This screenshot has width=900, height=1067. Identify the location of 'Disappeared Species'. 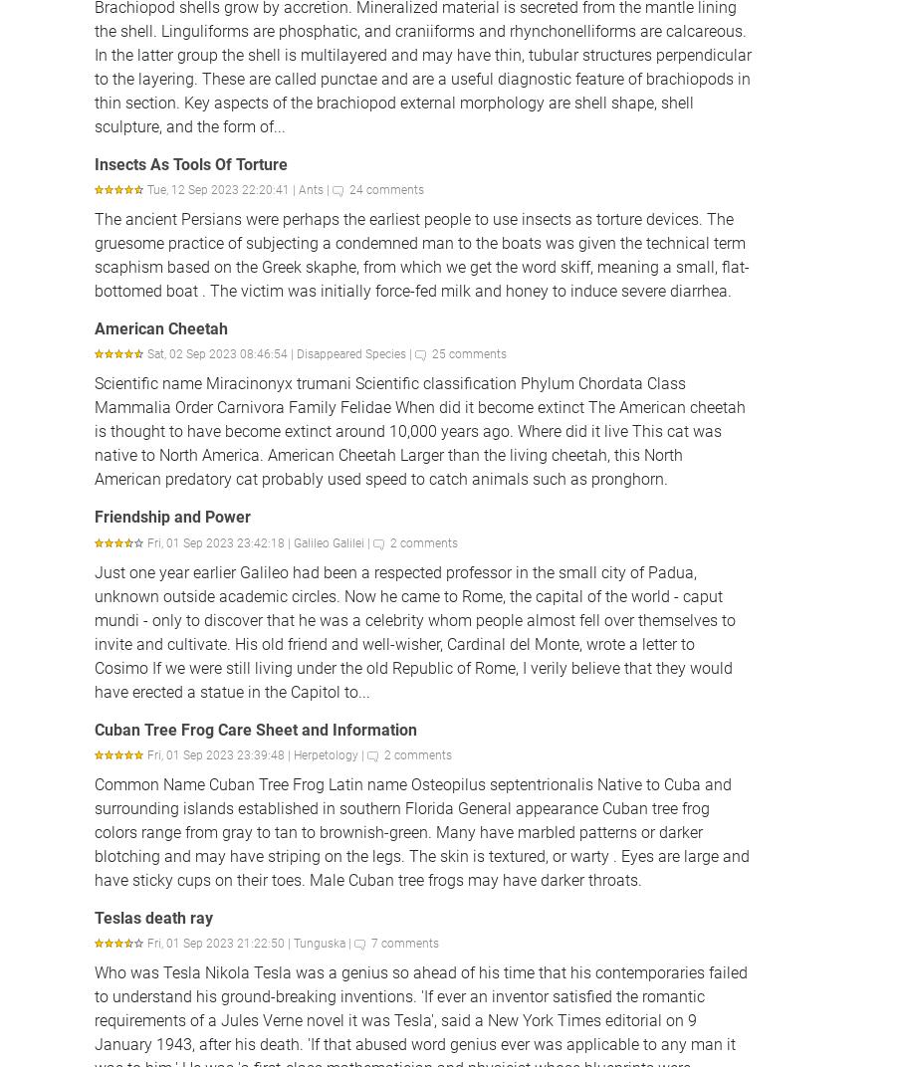
(350, 354).